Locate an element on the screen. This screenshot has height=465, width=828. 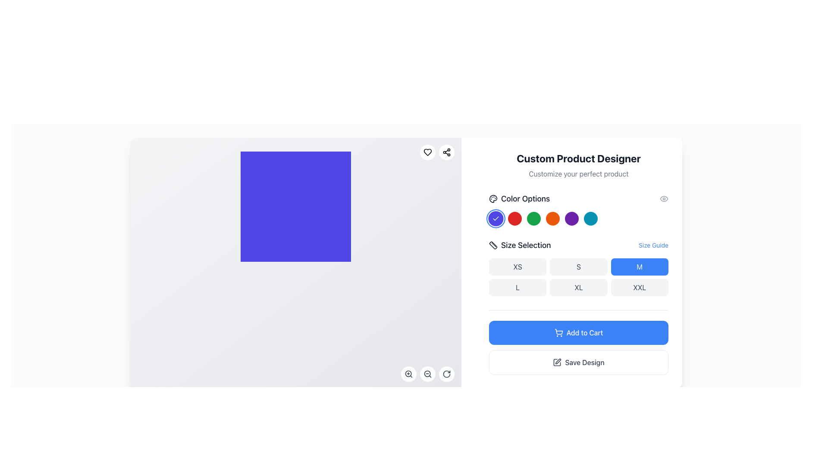
the Share button icon, which resembles a share symbol with three circles connected by two lines is located at coordinates (447, 152).